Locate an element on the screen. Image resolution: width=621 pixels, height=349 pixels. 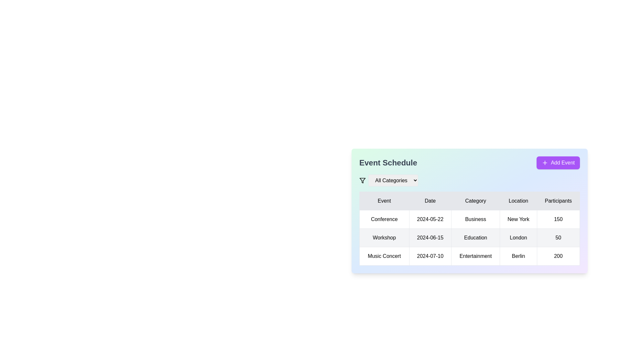
the 'Category' column header in the table, which is the third header in a sequence of five headers: 'Event', 'Date', 'Category', 'Location', and 'Participants' is located at coordinates (475, 200).